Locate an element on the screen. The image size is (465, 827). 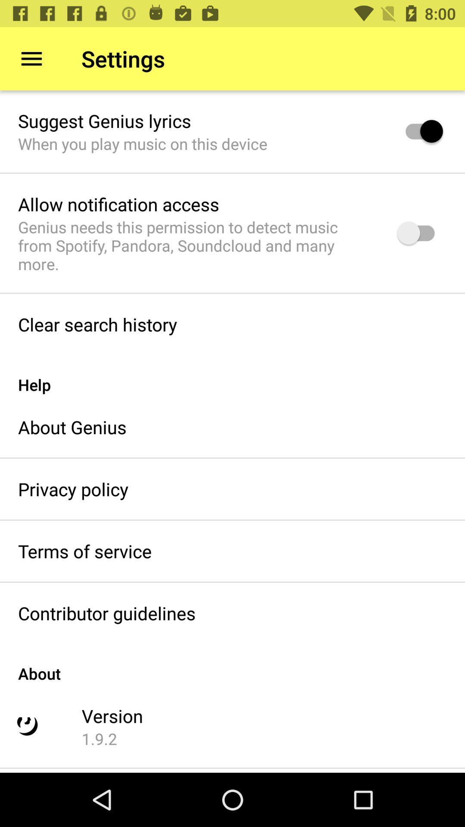
the version icon is located at coordinates (112, 715).